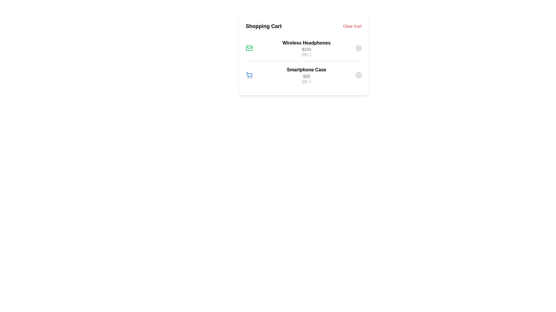  Describe the element at coordinates (306, 76) in the screenshot. I see `the price text label indicating the price of the item labeled 'Smartphone Case' in the shopping cart, which is centrally located below the item name and above the quantity text` at that location.